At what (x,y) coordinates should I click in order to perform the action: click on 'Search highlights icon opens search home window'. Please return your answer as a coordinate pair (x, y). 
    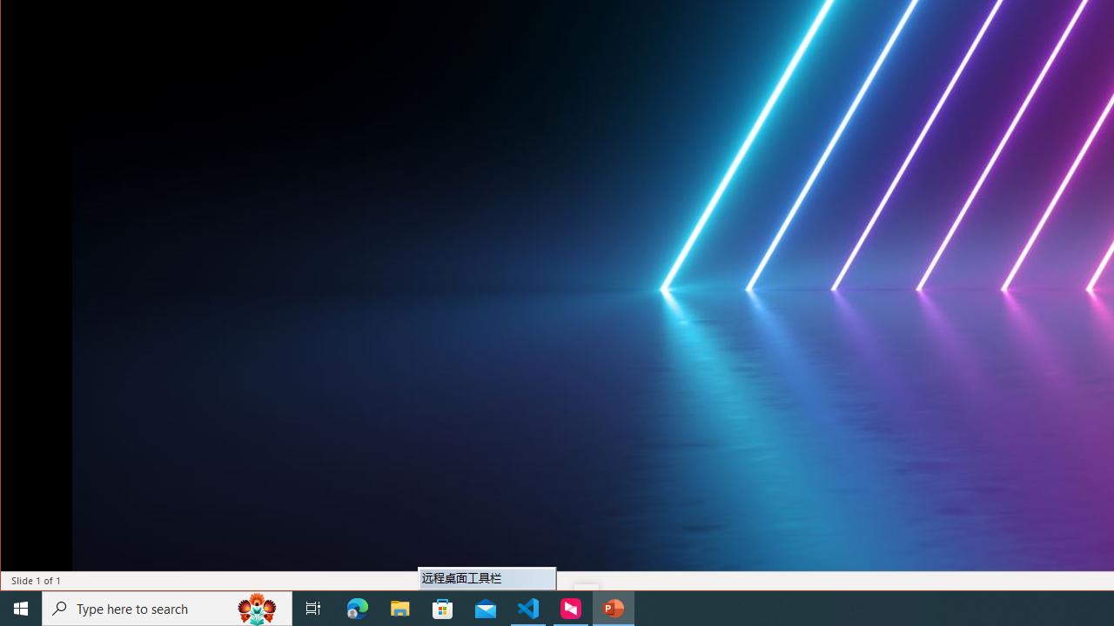
    Looking at the image, I should click on (256, 607).